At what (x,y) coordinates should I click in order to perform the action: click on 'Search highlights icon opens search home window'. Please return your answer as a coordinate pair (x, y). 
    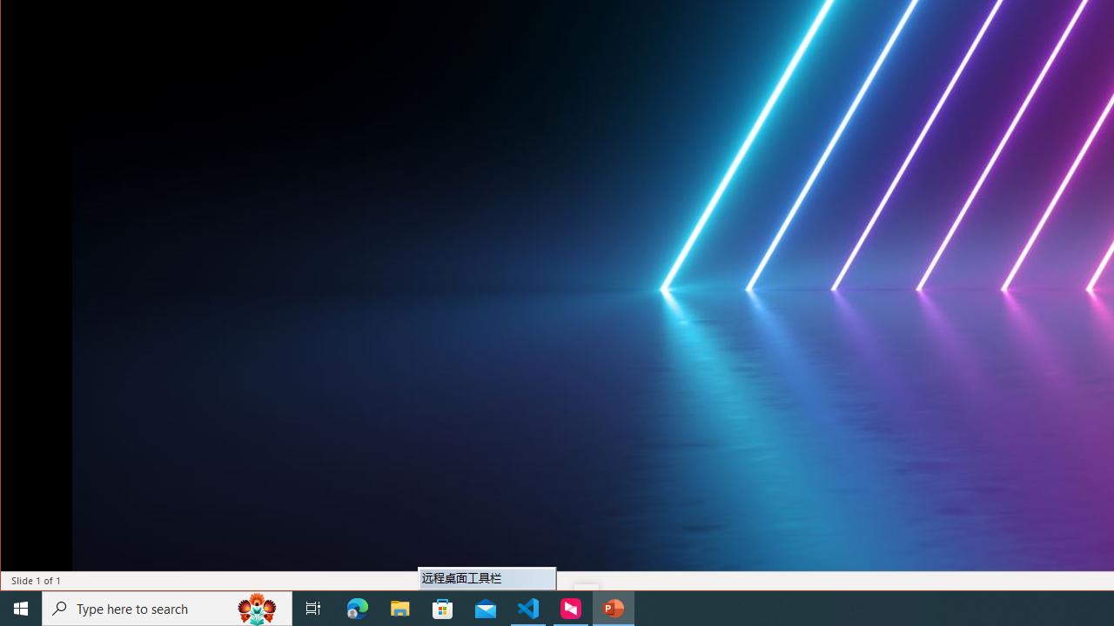
    Looking at the image, I should click on (256, 607).